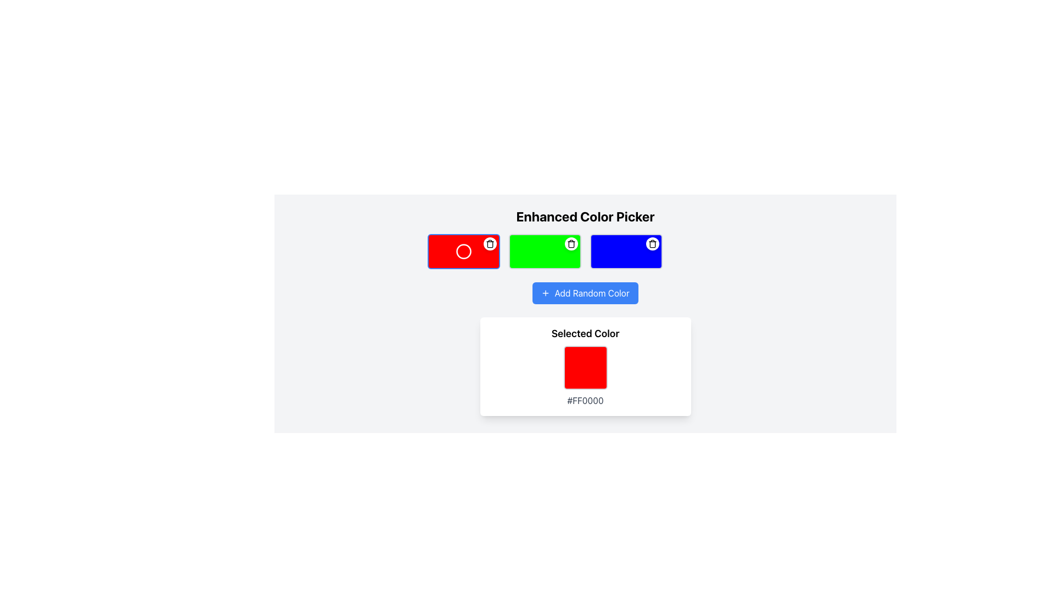 Image resolution: width=1054 pixels, height=592 pixels. I want to click on the main body of the selectable color box, which is the second box in a horizontal row of three boxes, so click(545, 252).